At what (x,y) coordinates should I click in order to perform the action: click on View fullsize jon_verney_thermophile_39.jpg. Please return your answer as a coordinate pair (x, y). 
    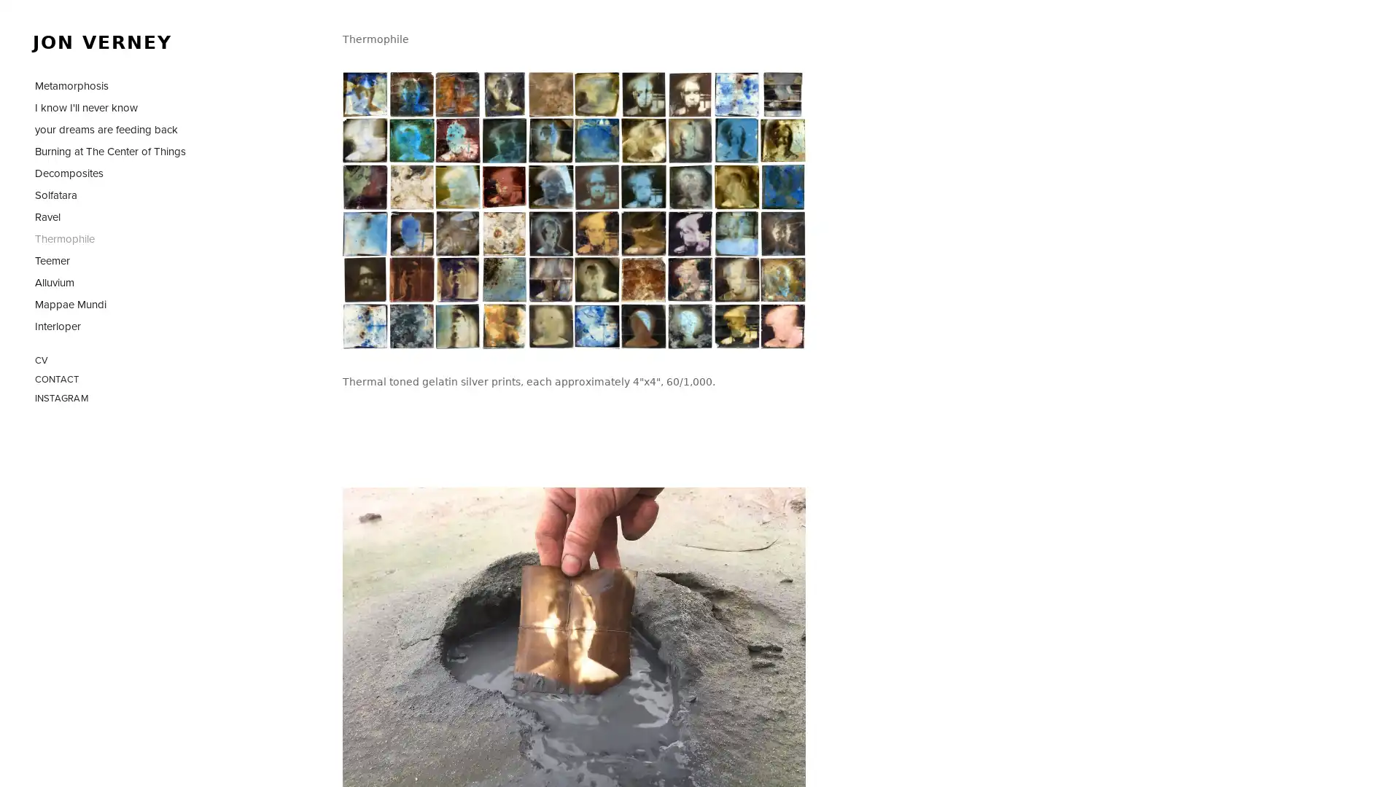
    Looking at the image, I should click on (736, 325).